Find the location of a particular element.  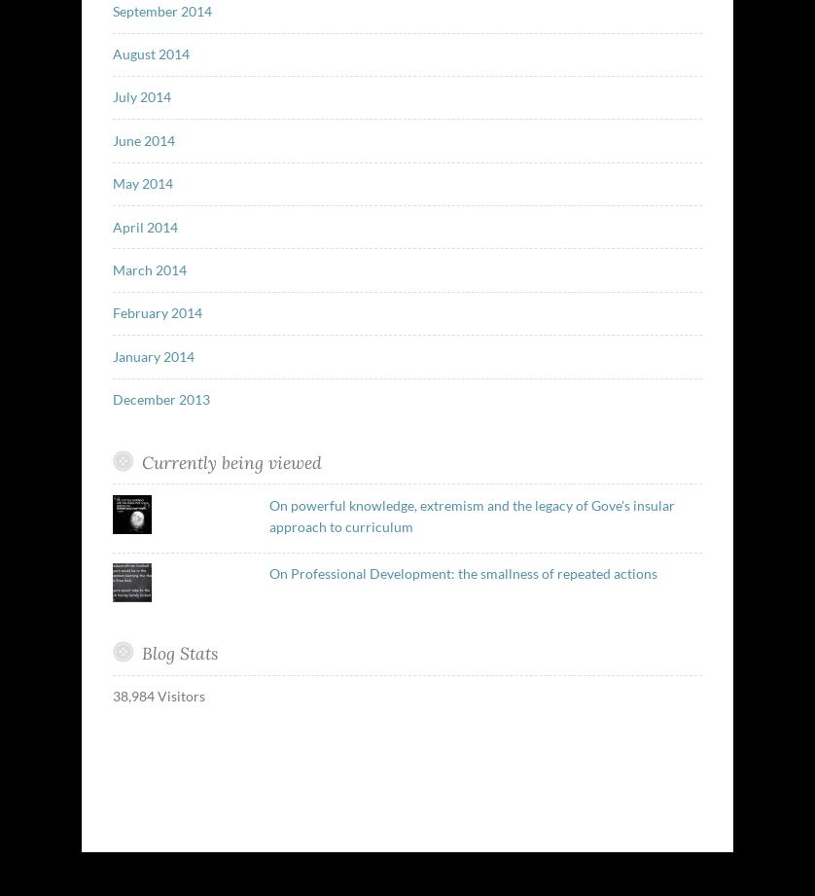

'July 2014' is located at coordinates (140, 96).